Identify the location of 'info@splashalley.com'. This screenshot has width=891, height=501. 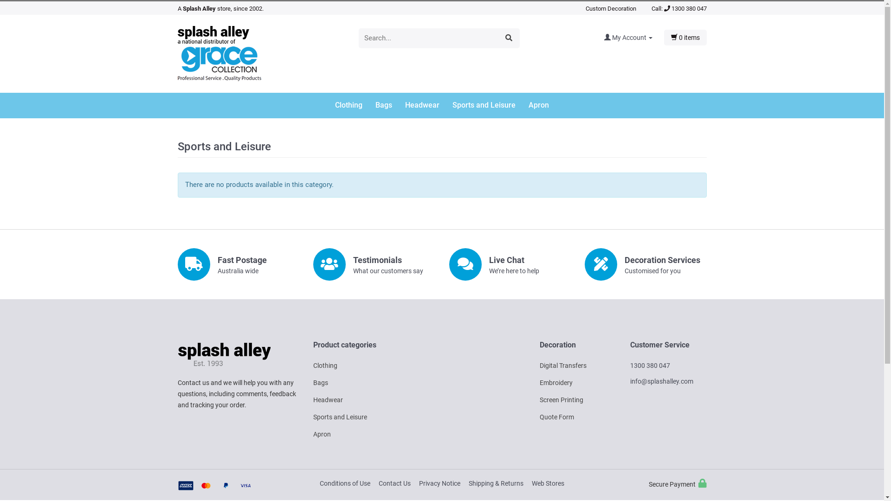
(661, 381).